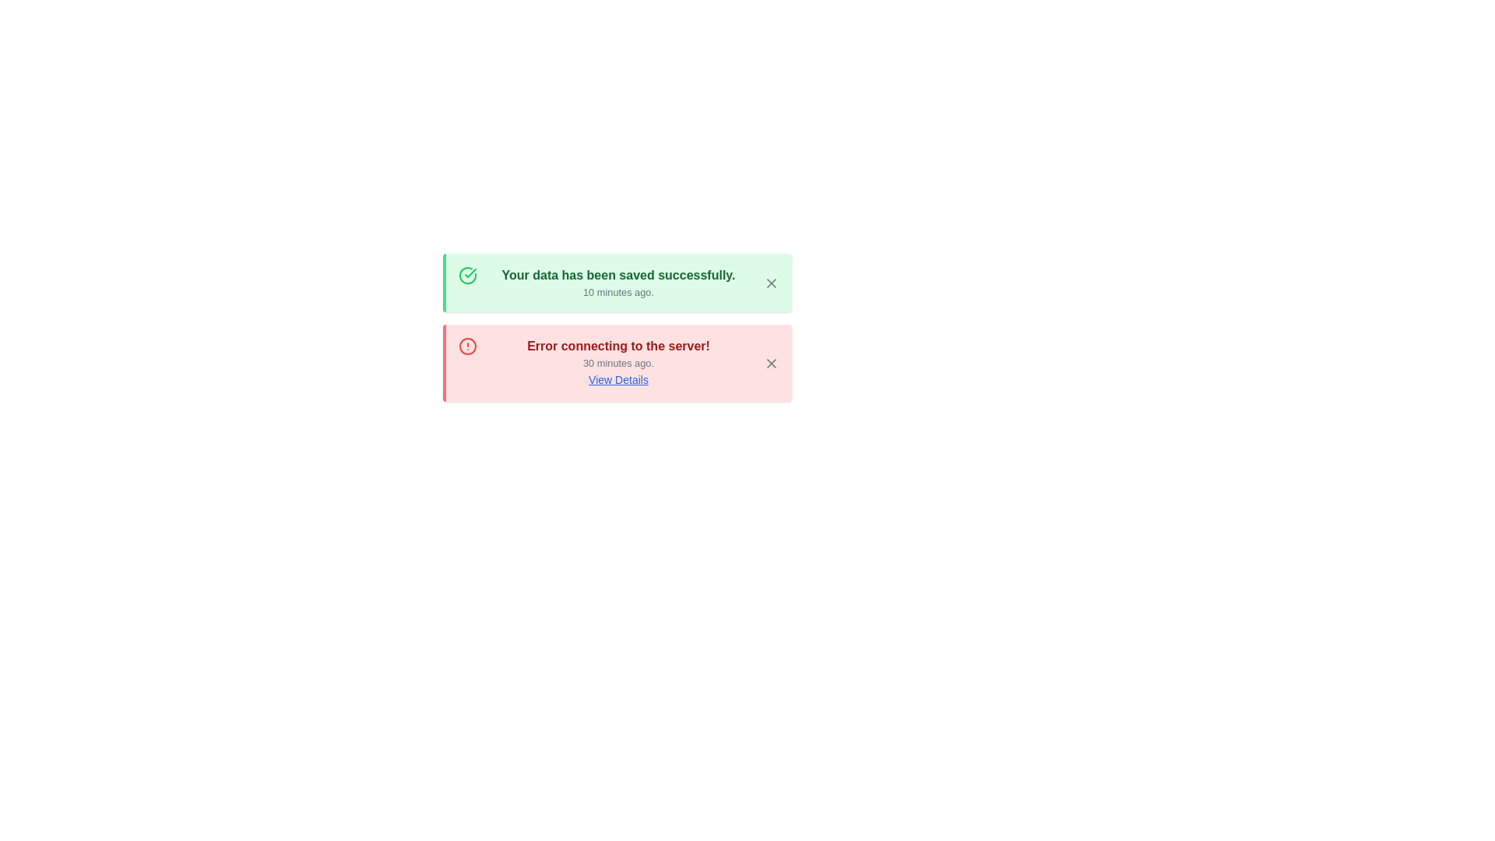  Describe the element at coordinates (771, 283) in the screenshot. I see `the gray 'X' icon button located at the top-right corner of the green notification banner` at that location.